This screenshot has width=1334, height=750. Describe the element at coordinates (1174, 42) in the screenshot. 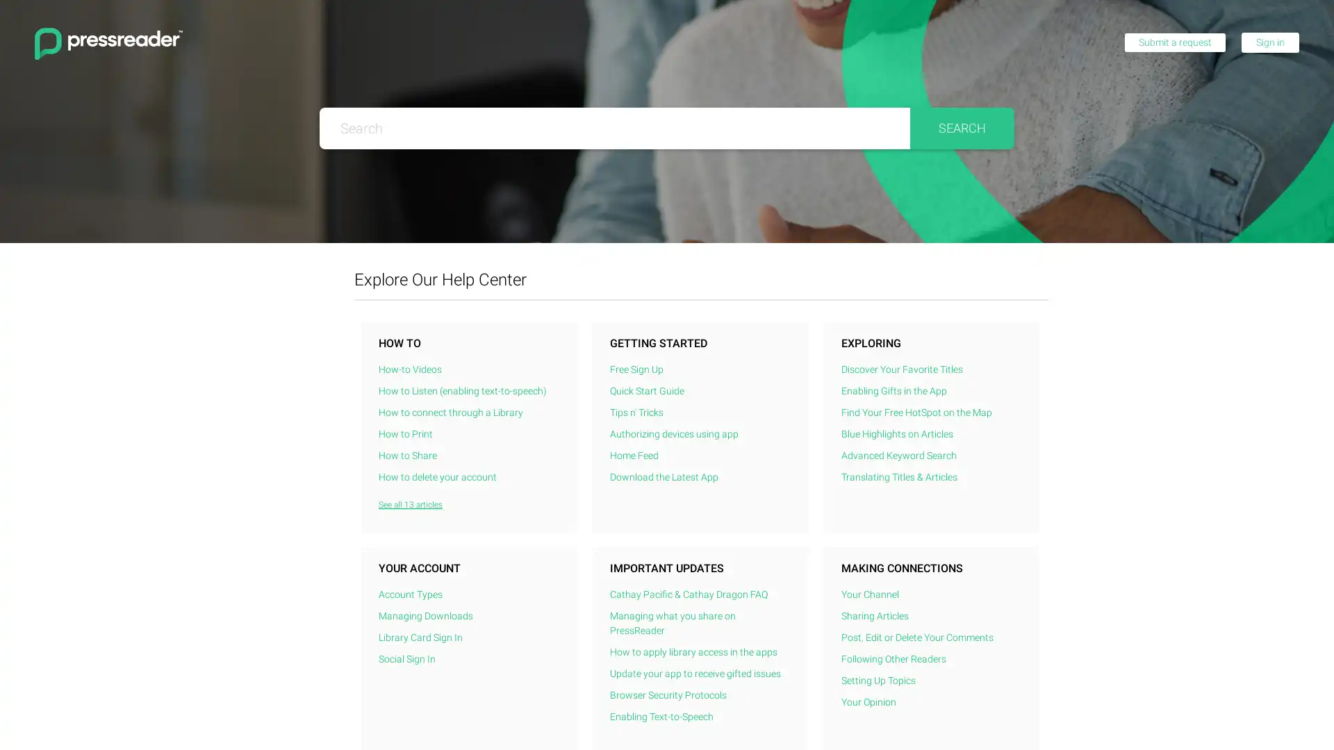

I see `Submit a request` at that location.